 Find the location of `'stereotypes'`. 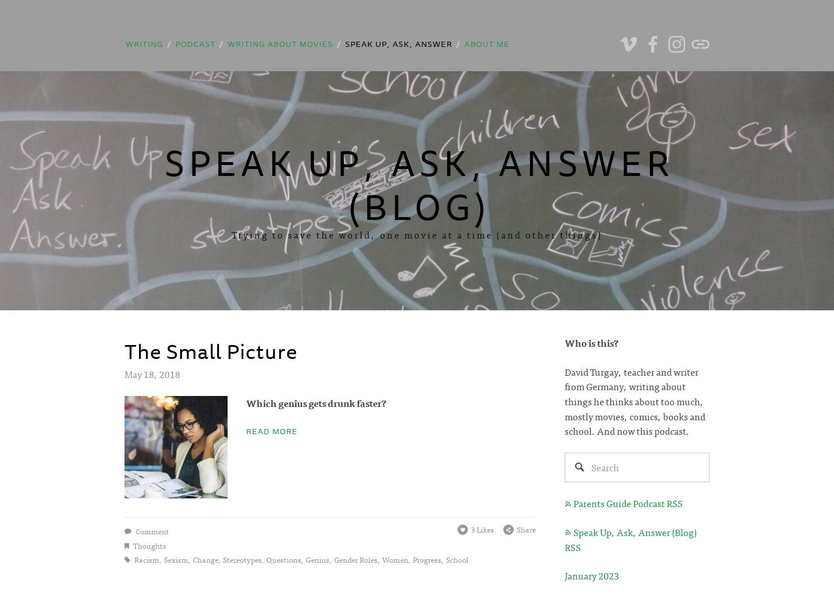

'stereotypes' is located at coordinates (241, 559).